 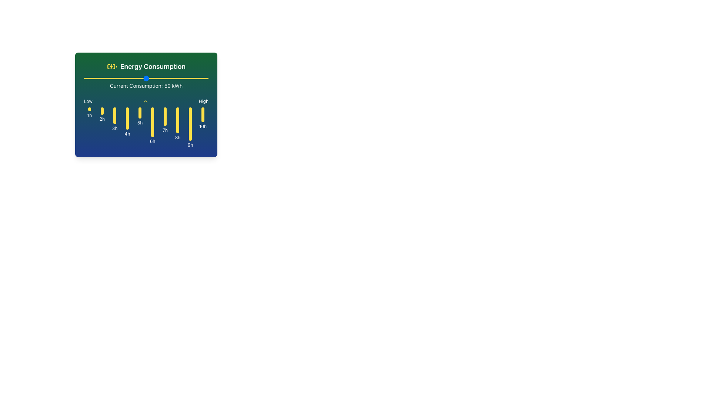 I want to click on the first Graph Marker representing energy consumption data for 1 hour, located at the leftmost position within the Energy Consumption card component, so click(x=89, y=127).